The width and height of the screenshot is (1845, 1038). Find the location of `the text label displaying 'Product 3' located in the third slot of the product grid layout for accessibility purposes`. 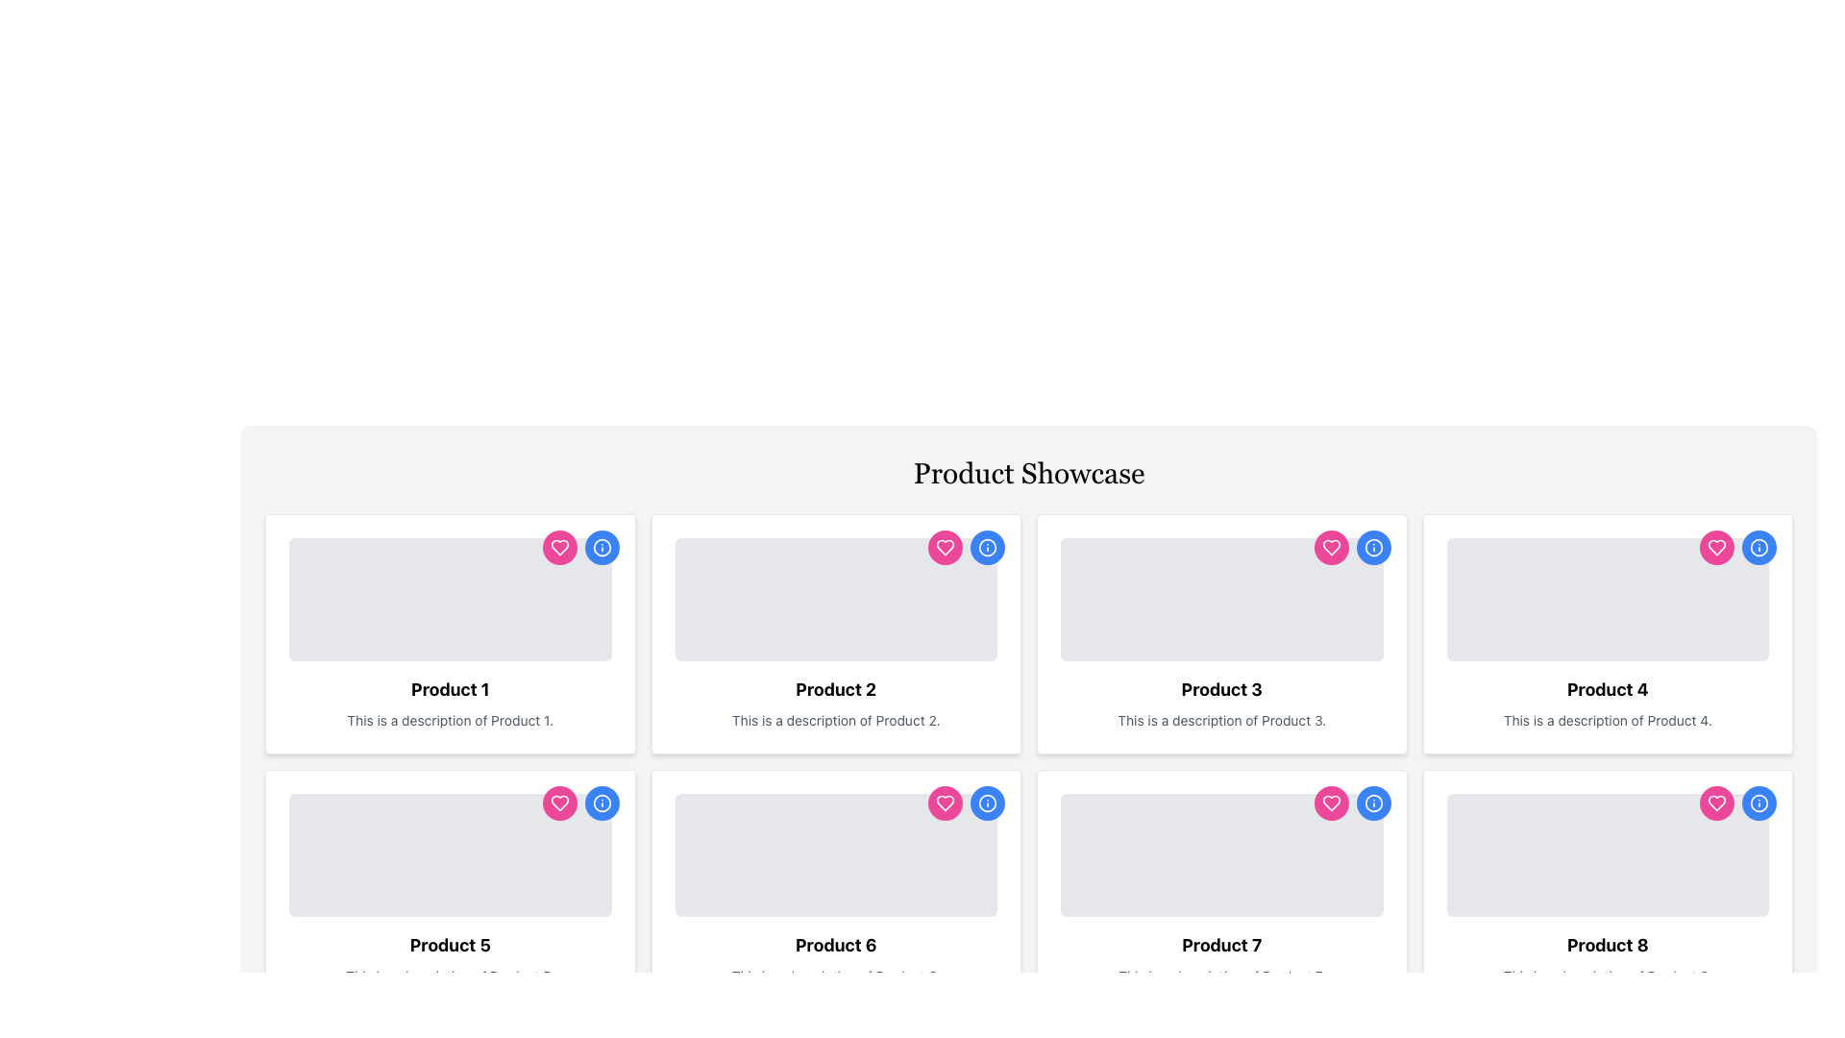

the text label displaying 'Product 3' located in the third slot of the product grid layout for accessibility purposes is located at coordinates (1220, 688).